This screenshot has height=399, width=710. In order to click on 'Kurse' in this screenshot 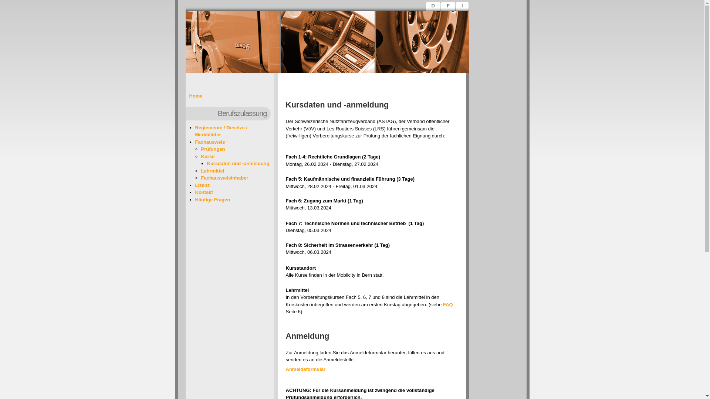, I will do `click(201, 156)`.